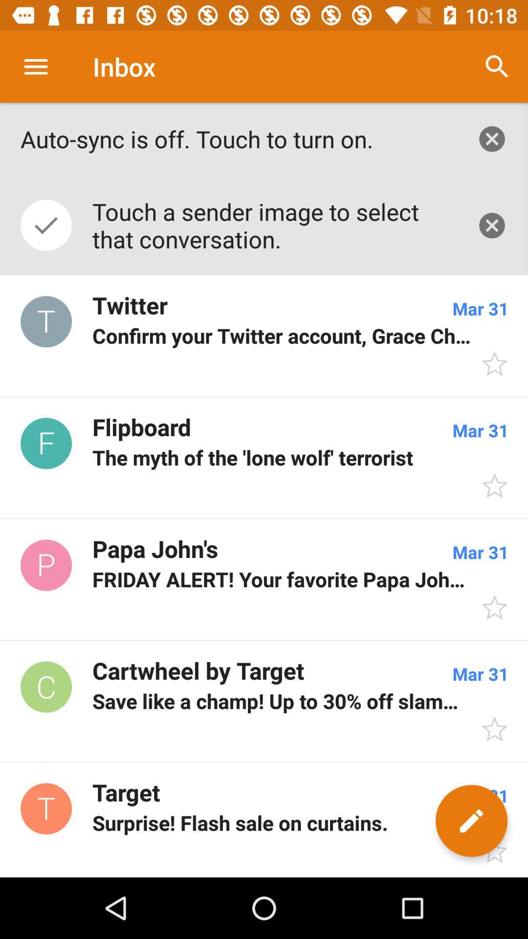 The width and height of the screenshot is (528, 939). Describe the element at coordinates (492, 138) in the screenshot. I see `item next to the auto sync is item` at that location.